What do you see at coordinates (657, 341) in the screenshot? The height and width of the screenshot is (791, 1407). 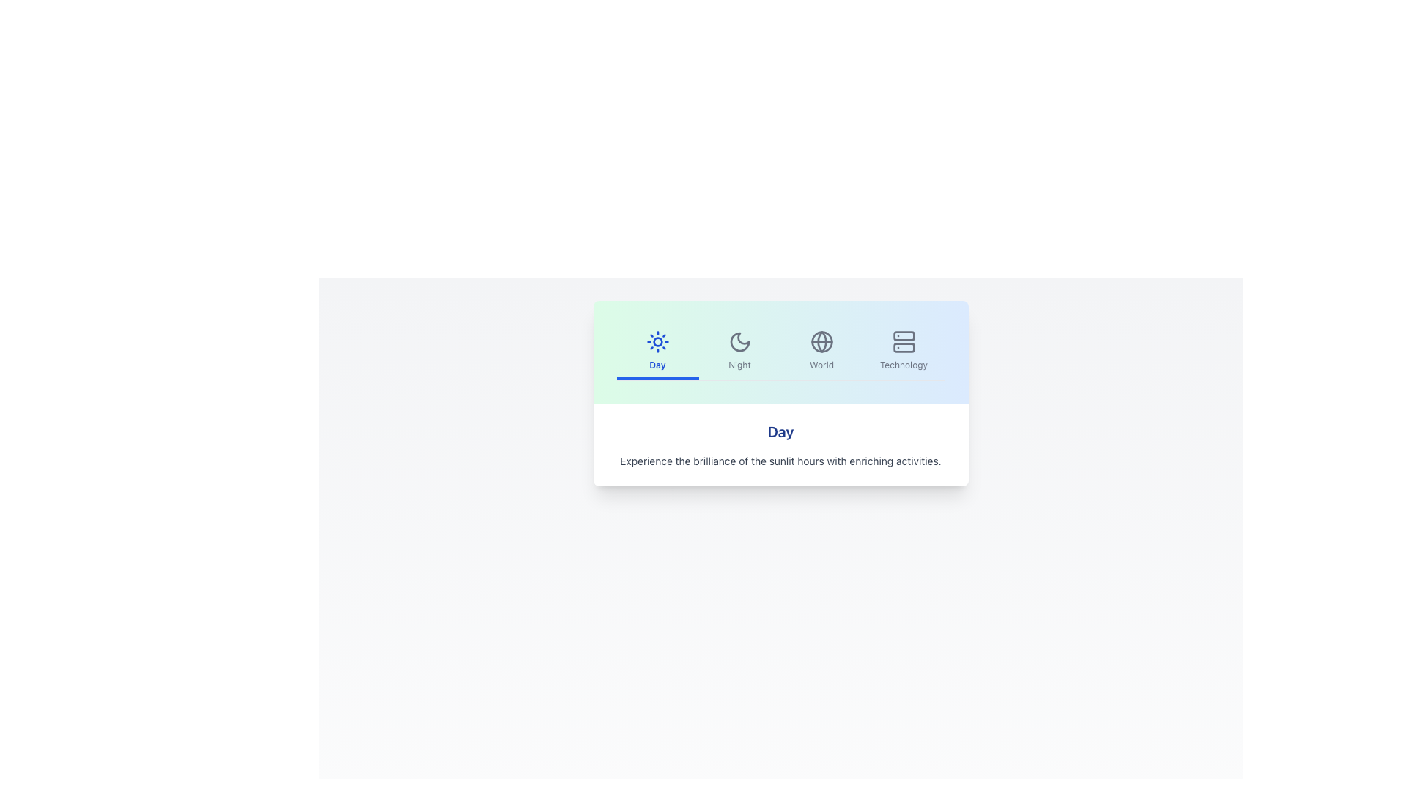 I see `the sun icon with a blue outline located in the top-left area of the 'Day' navigation bar, which aligns with 'Night', 'World', and 'Technology'` at bounding box center [657, 341].